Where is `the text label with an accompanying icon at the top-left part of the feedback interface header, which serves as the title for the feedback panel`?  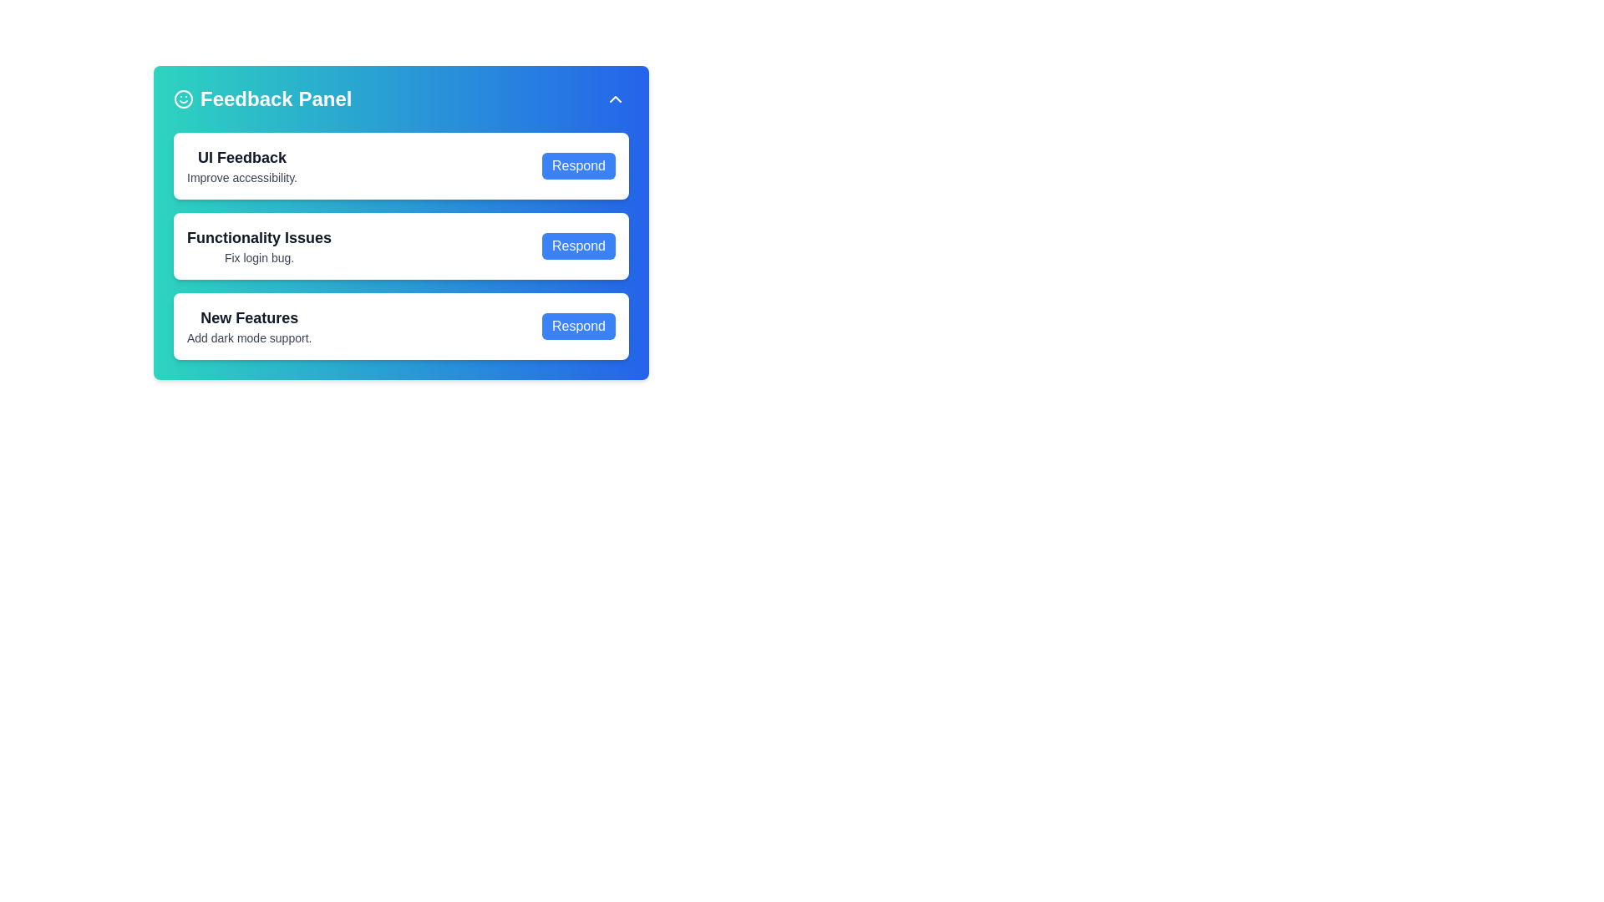
the text label with an accompanying icon at the top-left part of the feedback interface header, which serves as the title for the feedback panel is located at coordinates (261, 99).